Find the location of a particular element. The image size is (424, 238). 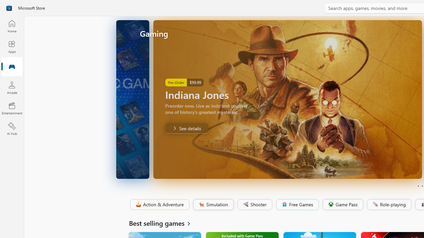

'See all  Best selling games' is located at coordinates (164, 223).